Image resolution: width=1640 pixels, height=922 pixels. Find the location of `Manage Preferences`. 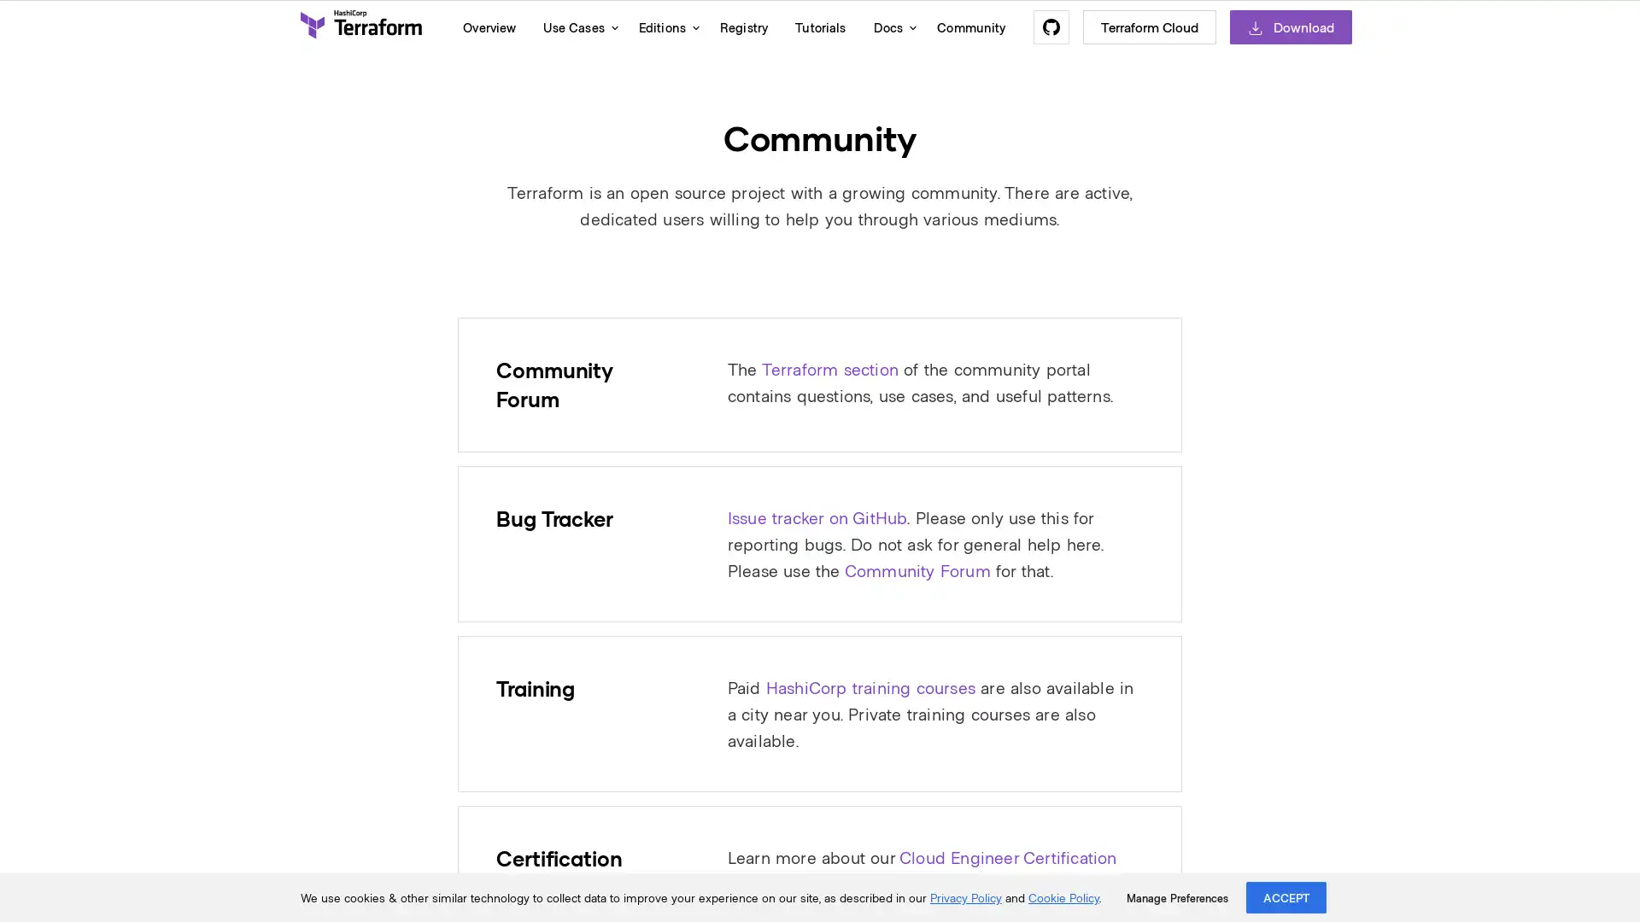

Manage Preferences is located at coordinates (1176, 897).